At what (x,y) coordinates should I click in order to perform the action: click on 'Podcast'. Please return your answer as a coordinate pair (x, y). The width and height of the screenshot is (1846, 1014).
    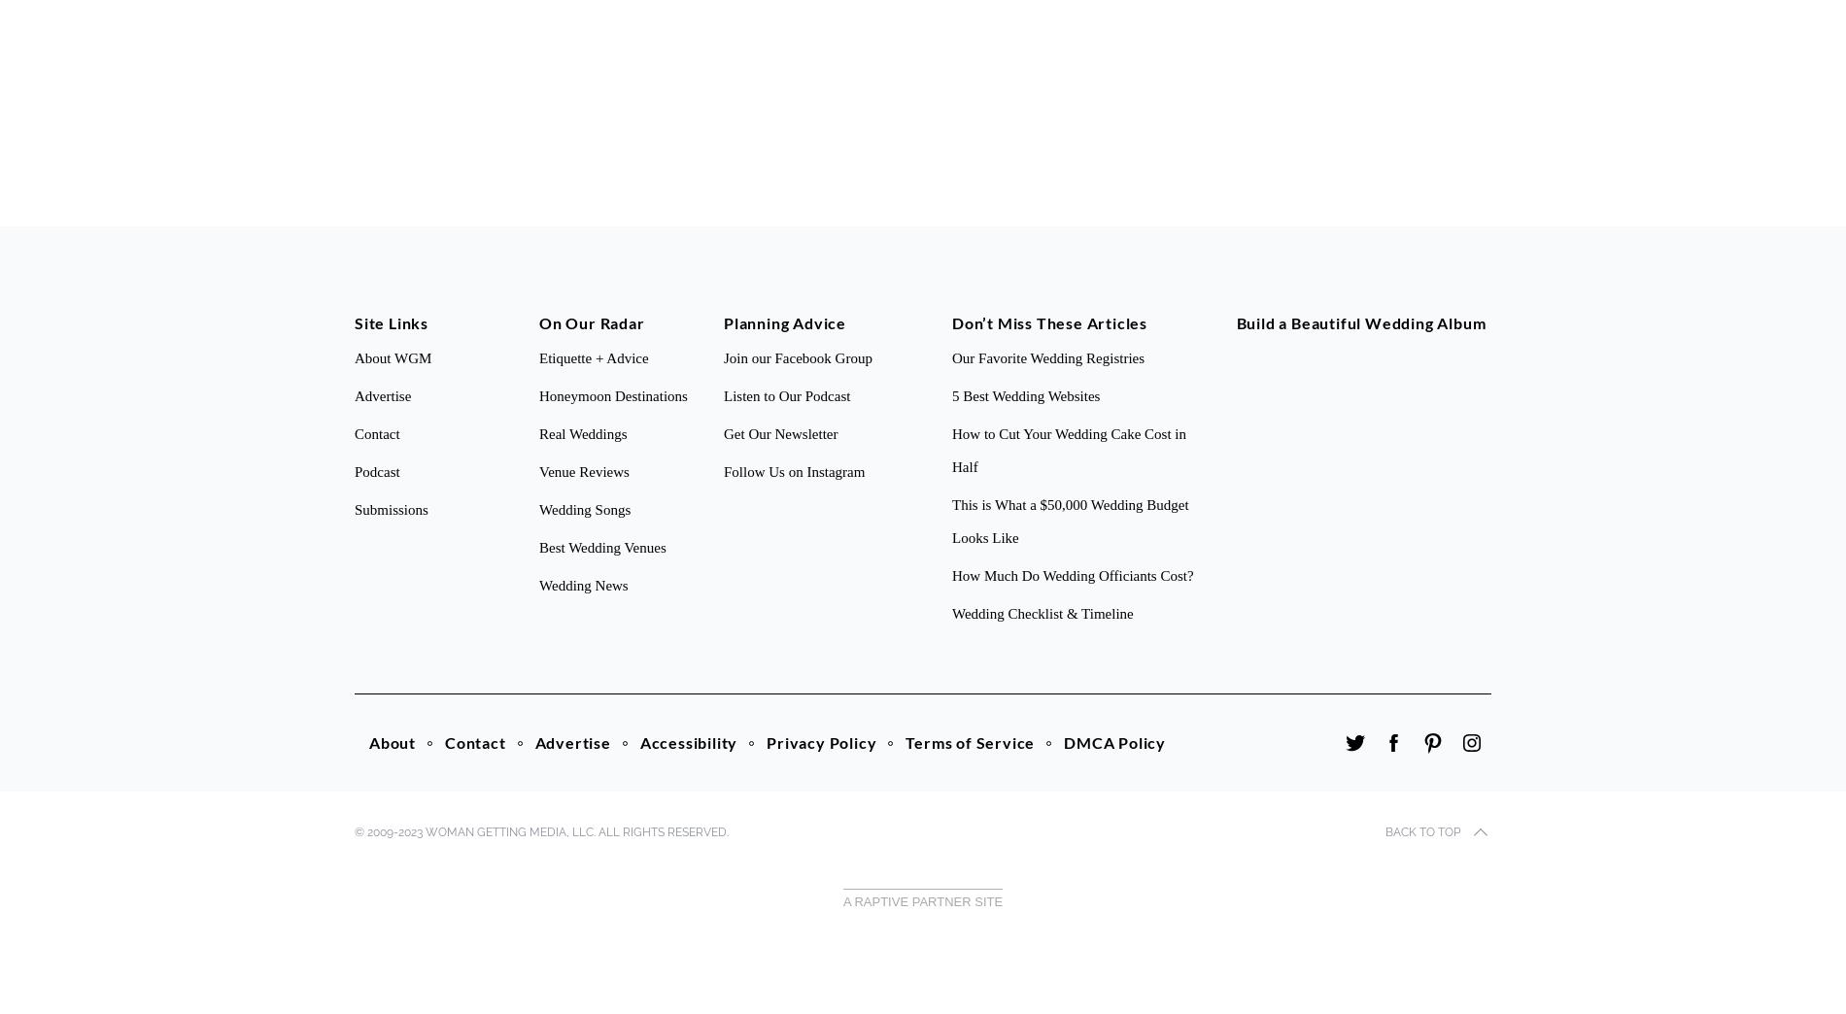
    Looking at the image, I should click on (375, 471).